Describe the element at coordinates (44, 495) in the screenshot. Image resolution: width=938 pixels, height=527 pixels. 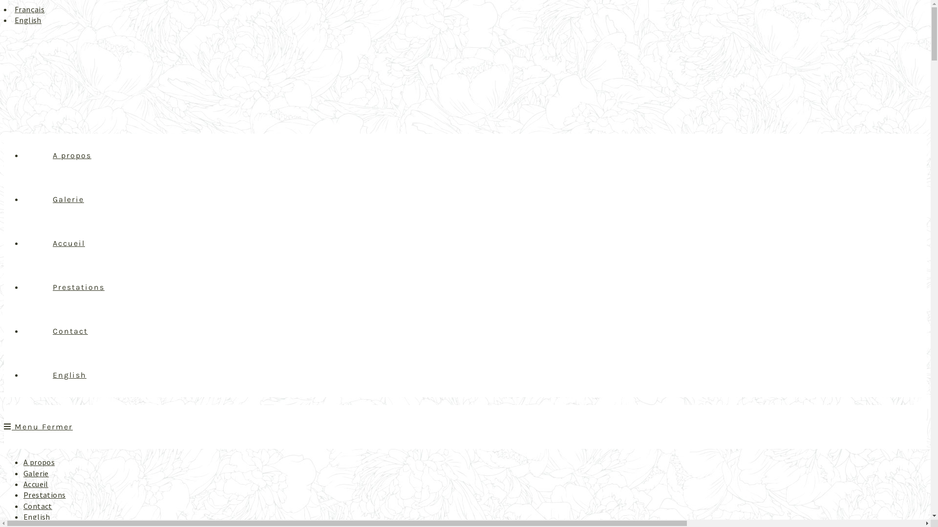
I see `'Prestations'` at that location.